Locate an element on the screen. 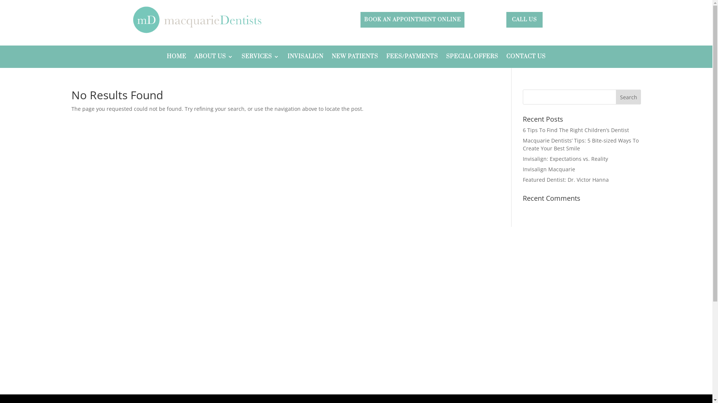 The image size is (718, 403). 'CONTACT US' is located at coordinates (506, 57).